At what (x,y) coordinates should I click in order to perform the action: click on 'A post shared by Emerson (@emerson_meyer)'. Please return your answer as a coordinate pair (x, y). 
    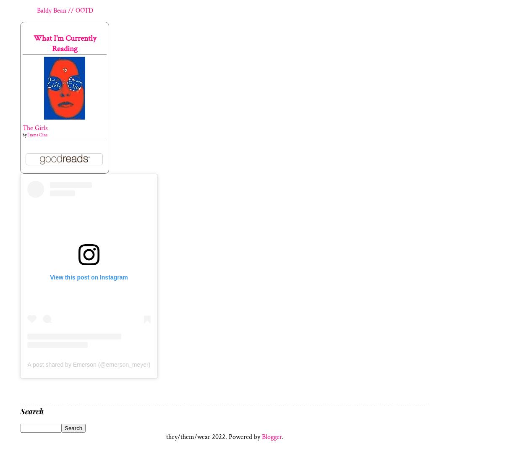
    Looking at the image, I should click on (26, 364).